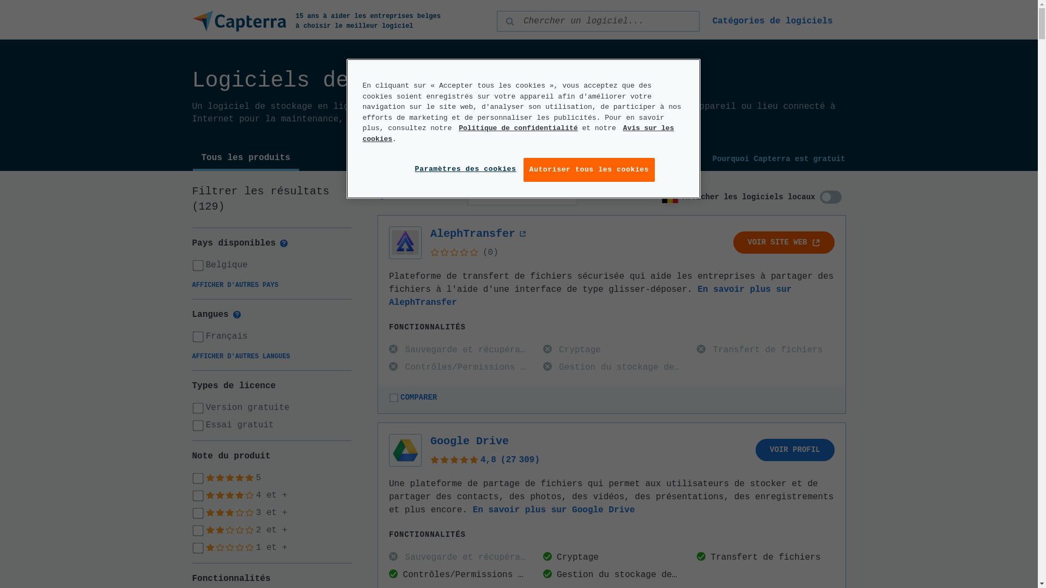  Describe the element at coordinates (271, 495) in the screenshot. I see `'4 et +'` at that location.